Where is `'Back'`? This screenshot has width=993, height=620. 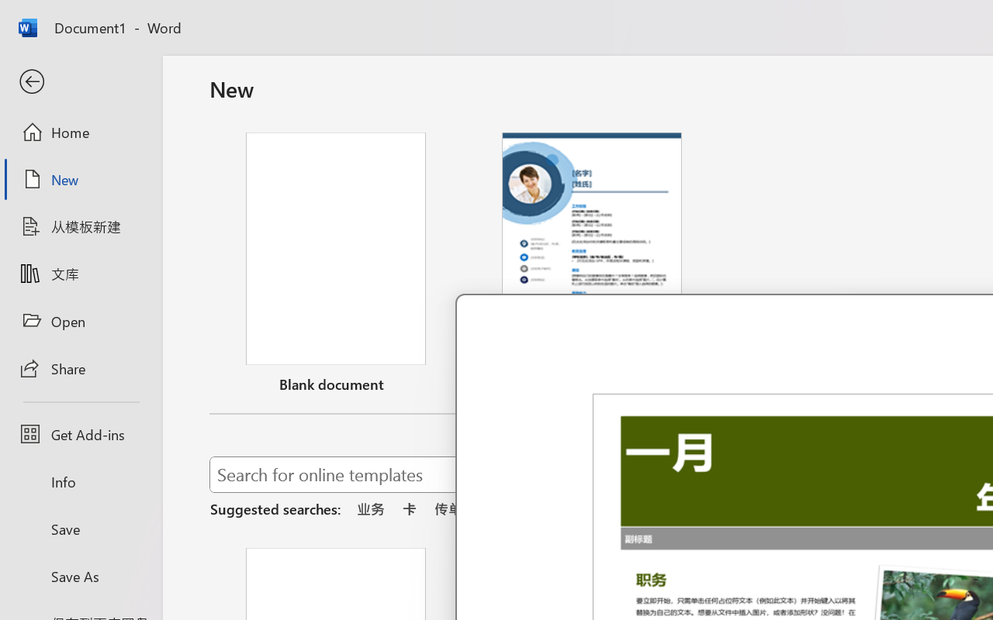
'Back' is located at coordinates (80, 81).